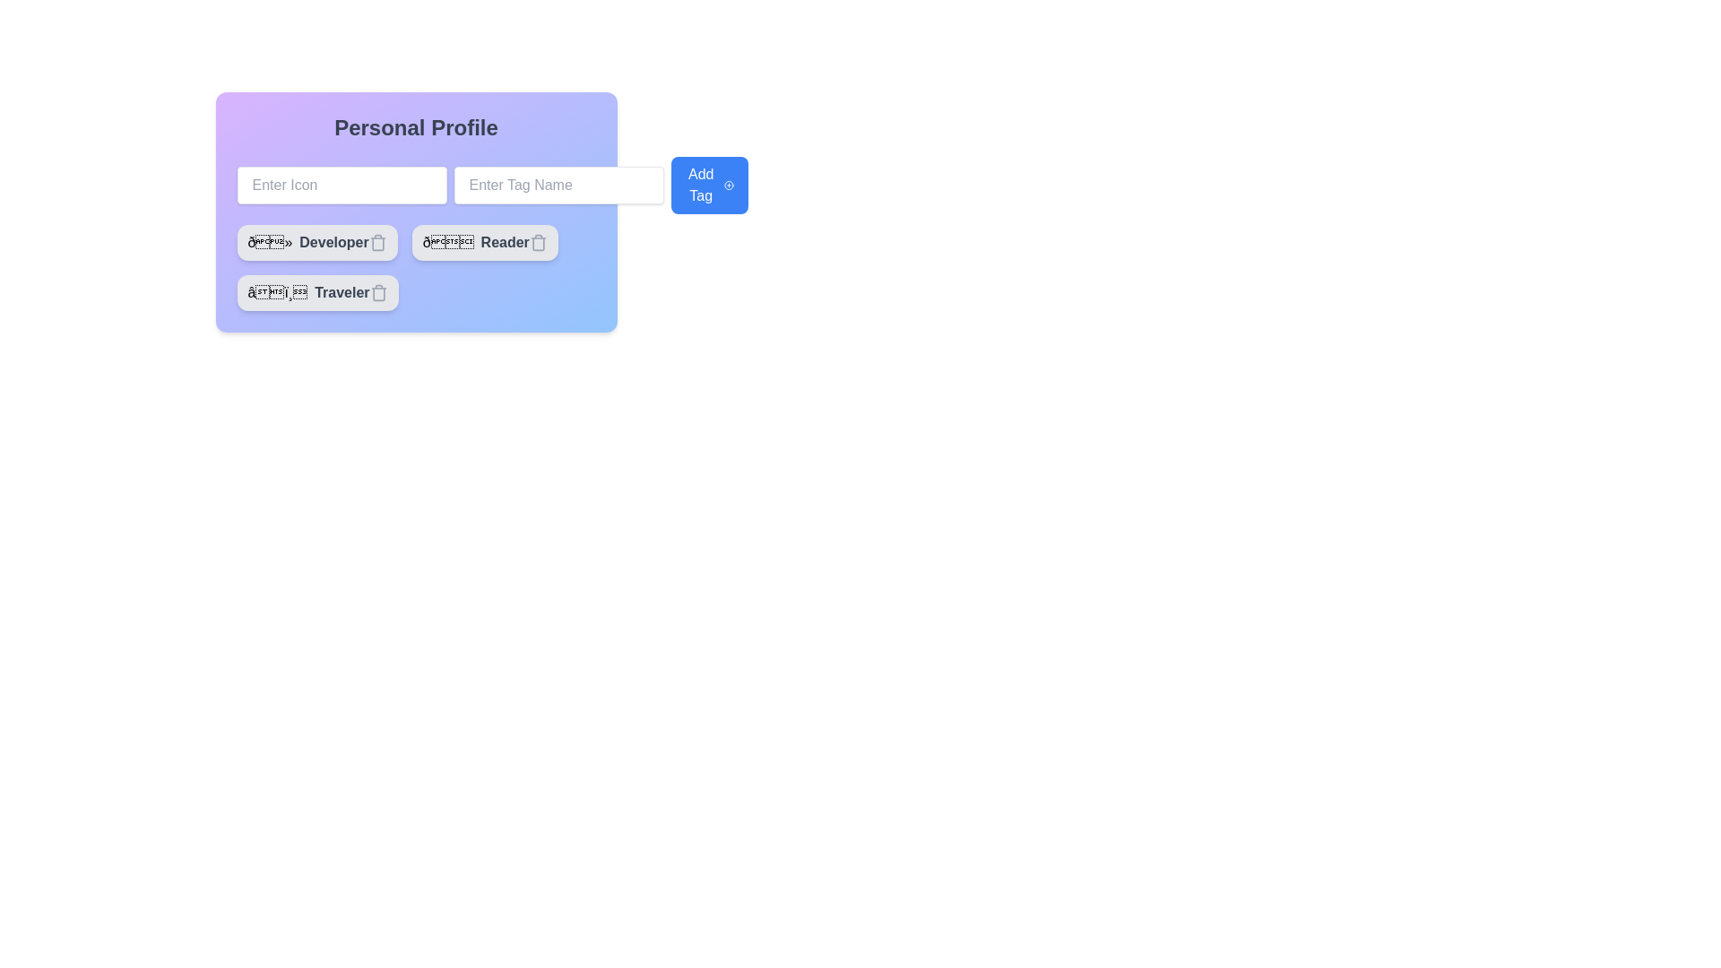 The width and height of the screenshot is (1721, 968). What do you see at coordinates (415, 126) in the screenshot?
I see `the 'Personal Profile' text label, which serves as a section header indicating the content related to profile tags` at bounding box center [415, 126].